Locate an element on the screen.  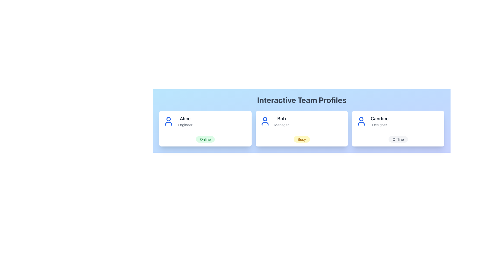
the status indicator label displaying 'Offline' for user 'Candice', located at the bottom-center of the user card is located at coordinates (398, 137).